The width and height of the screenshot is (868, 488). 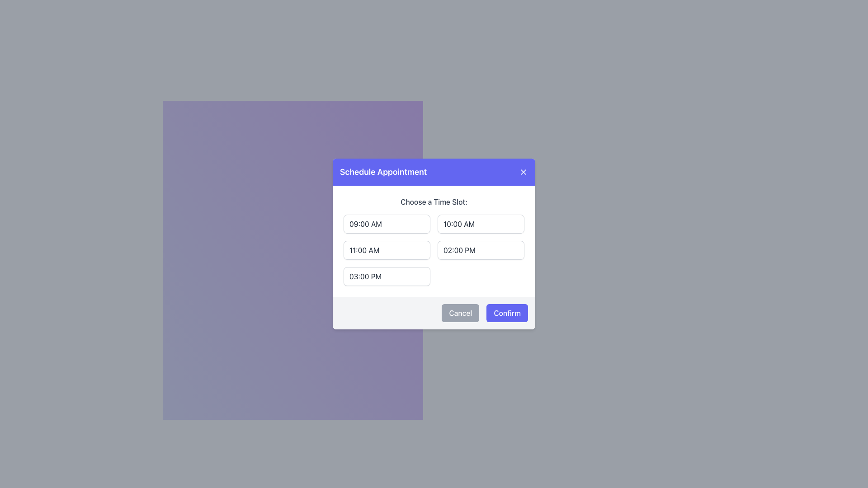 What do you see at coordinates (365, 276) in the screenshot?
I see `the static text element displaying '03:00 PM'` at bounding box center [365, 276].